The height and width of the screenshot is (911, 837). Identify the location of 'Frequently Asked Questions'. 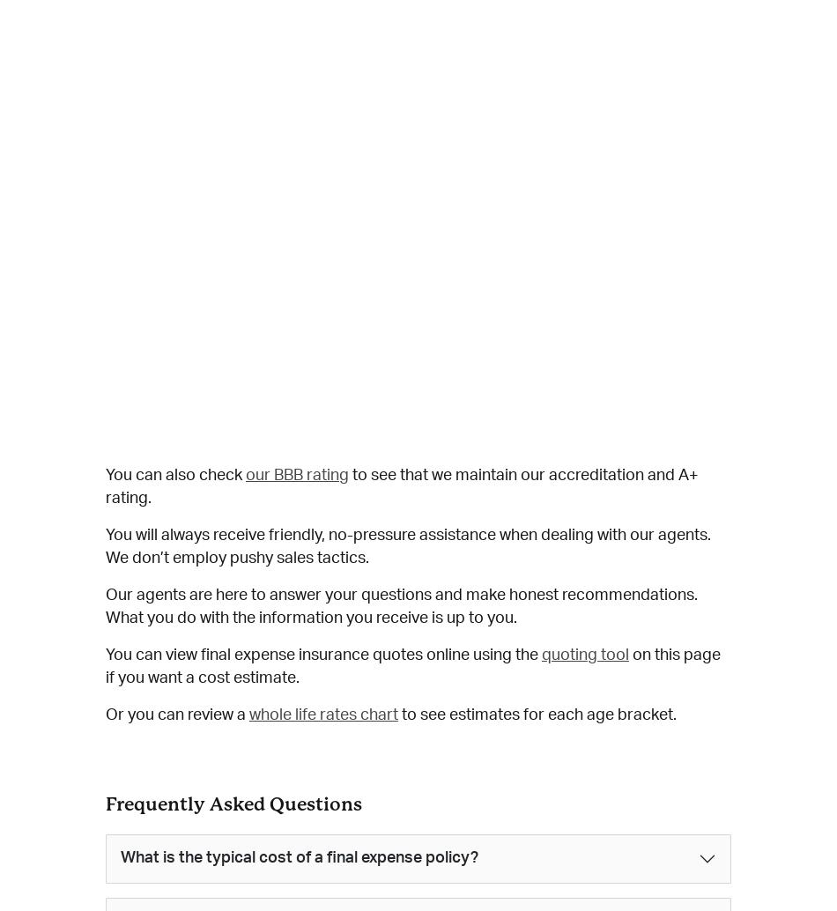
(233, 803).